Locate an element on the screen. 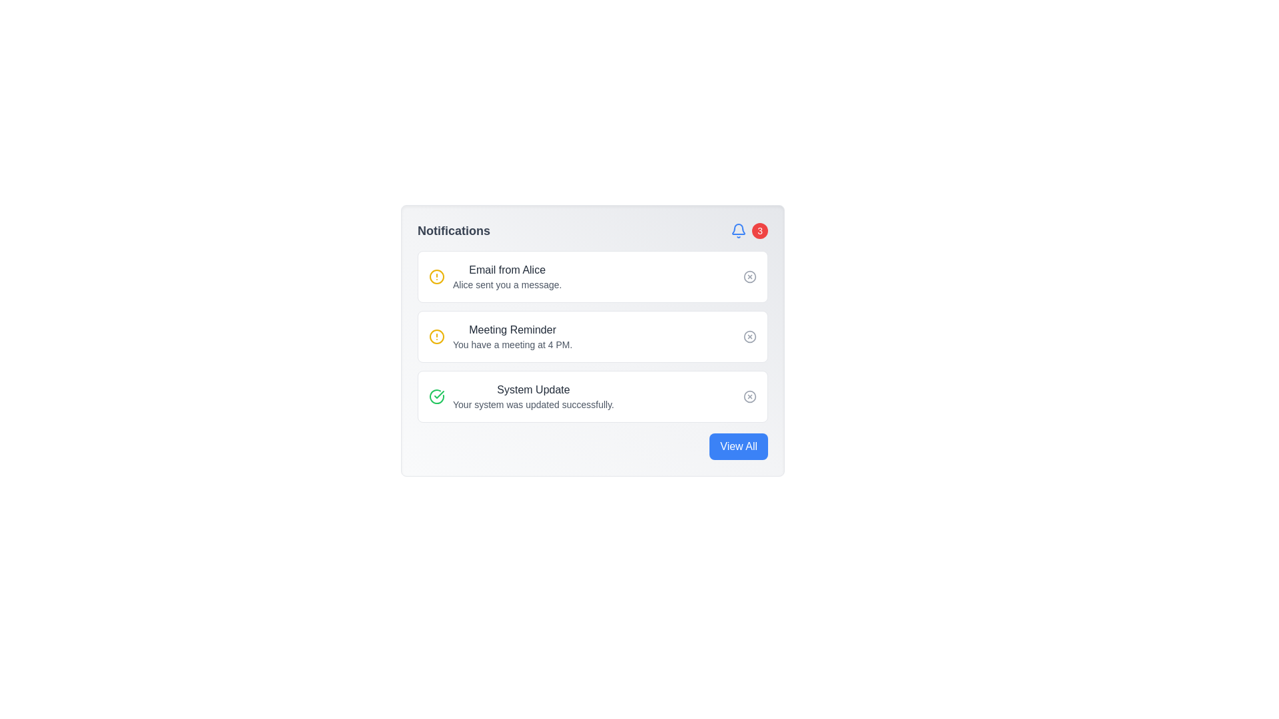  the circular icon that serves as the close button for the notification associated with 'Email from Alice' is located at coordinates (750, 276).